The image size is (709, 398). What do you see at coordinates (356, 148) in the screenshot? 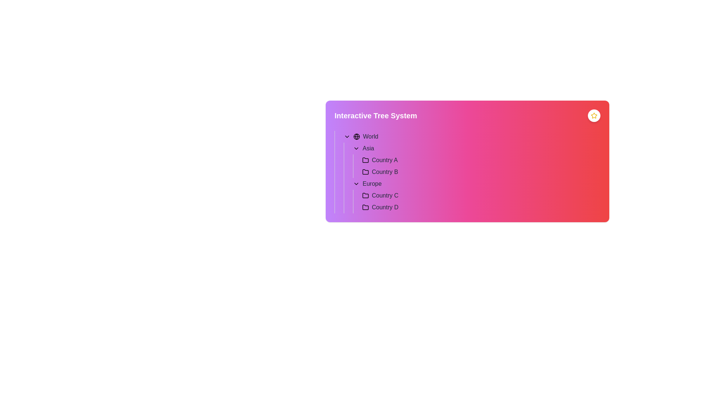
I see `the downward-pointing chevron icon located next to the 'Asia' text` at bounding box center [356, 148].